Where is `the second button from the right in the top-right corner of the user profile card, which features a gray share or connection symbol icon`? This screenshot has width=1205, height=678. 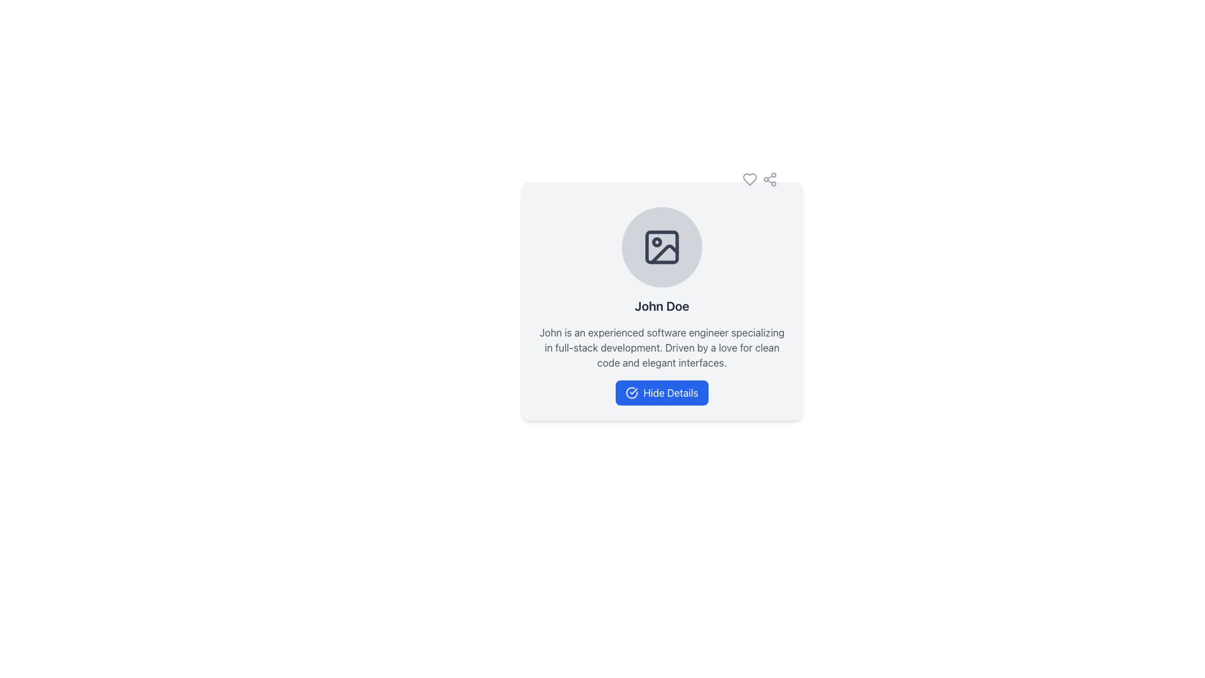
the second button from the right in the top-right corner of the user profile card, which features a gray share or connection symbol icon is located at coordinates (769, 179).